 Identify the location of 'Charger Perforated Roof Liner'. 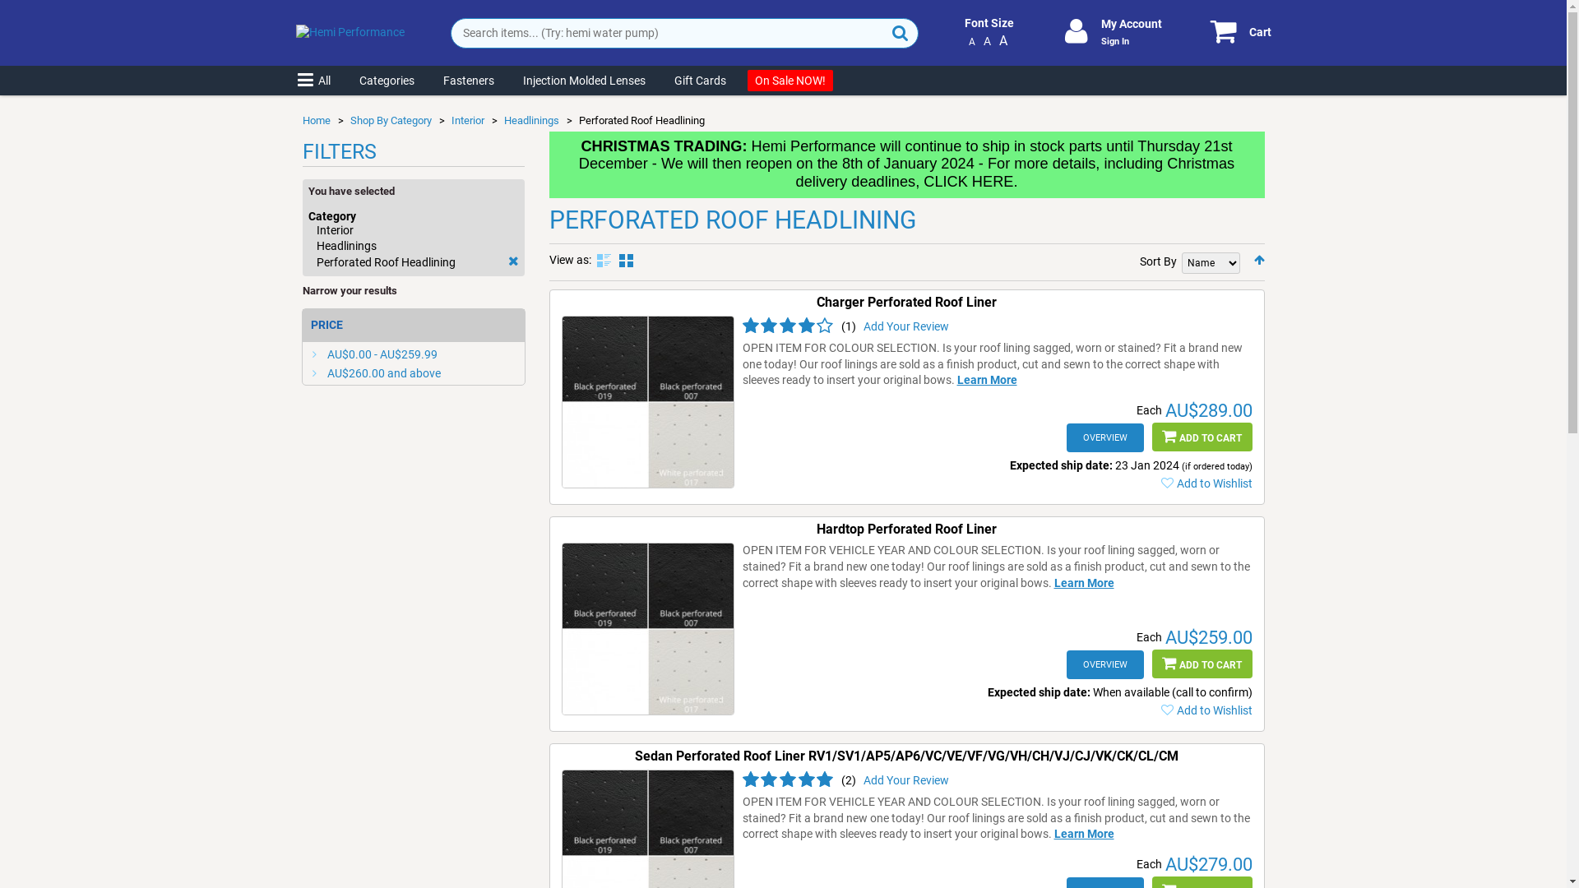
(646, 402).